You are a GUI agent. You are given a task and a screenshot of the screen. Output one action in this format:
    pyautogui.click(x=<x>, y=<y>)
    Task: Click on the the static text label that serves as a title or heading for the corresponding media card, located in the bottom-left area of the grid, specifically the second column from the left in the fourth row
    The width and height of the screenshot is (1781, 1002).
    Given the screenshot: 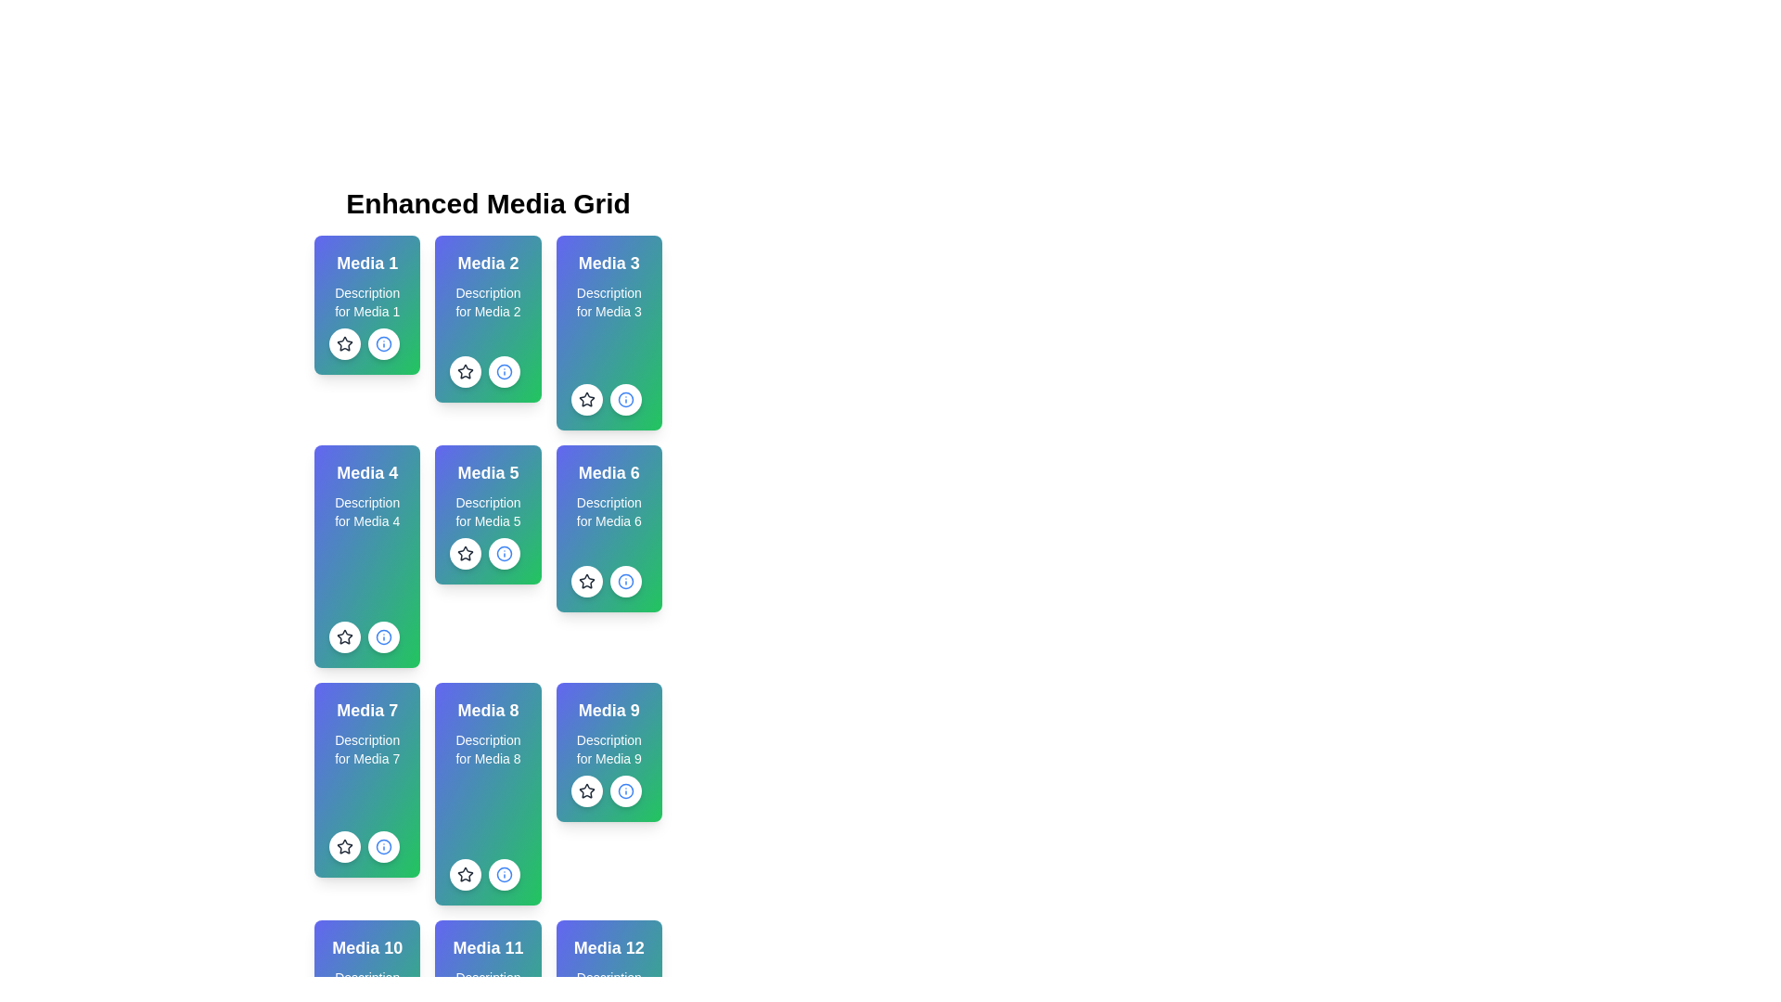 What is the action you would take?
    pyautogui.click(x=488, y=948)
    